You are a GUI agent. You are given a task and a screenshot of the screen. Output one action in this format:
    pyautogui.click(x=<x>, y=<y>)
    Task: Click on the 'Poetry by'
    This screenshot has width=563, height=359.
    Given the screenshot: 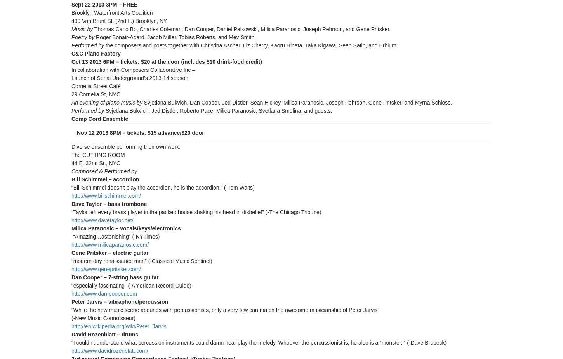 What is the action you would take?
    pyautogui.click(x=83, y=37)
    